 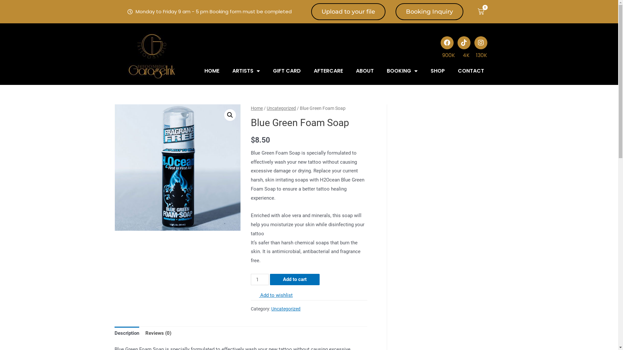 I want to click on 'ARTISTS', so click(x=226, y=71).